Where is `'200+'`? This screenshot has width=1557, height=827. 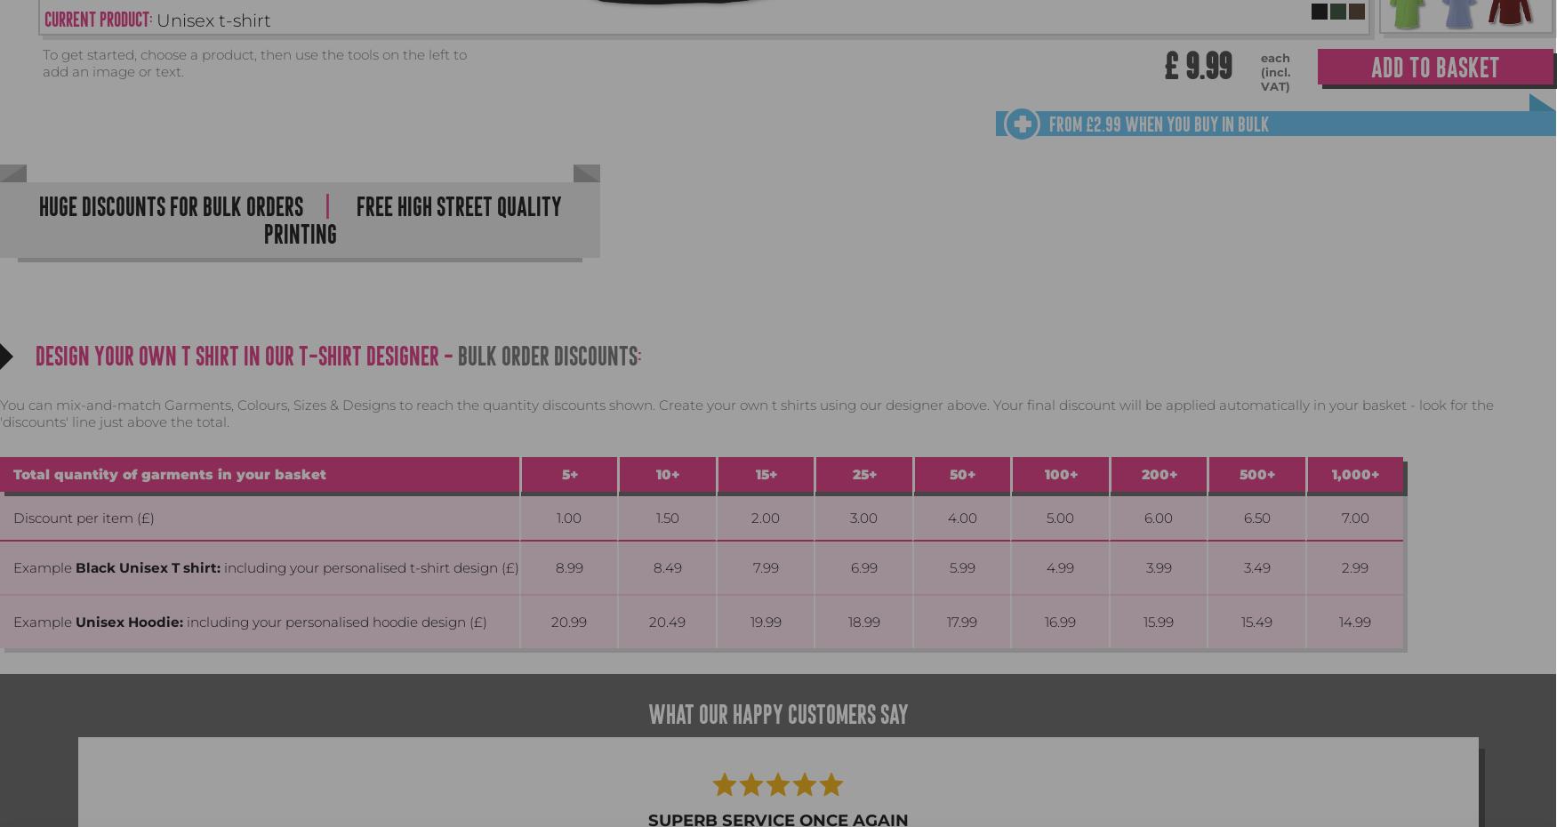 '200+' is located at coordinates (1157, 473).